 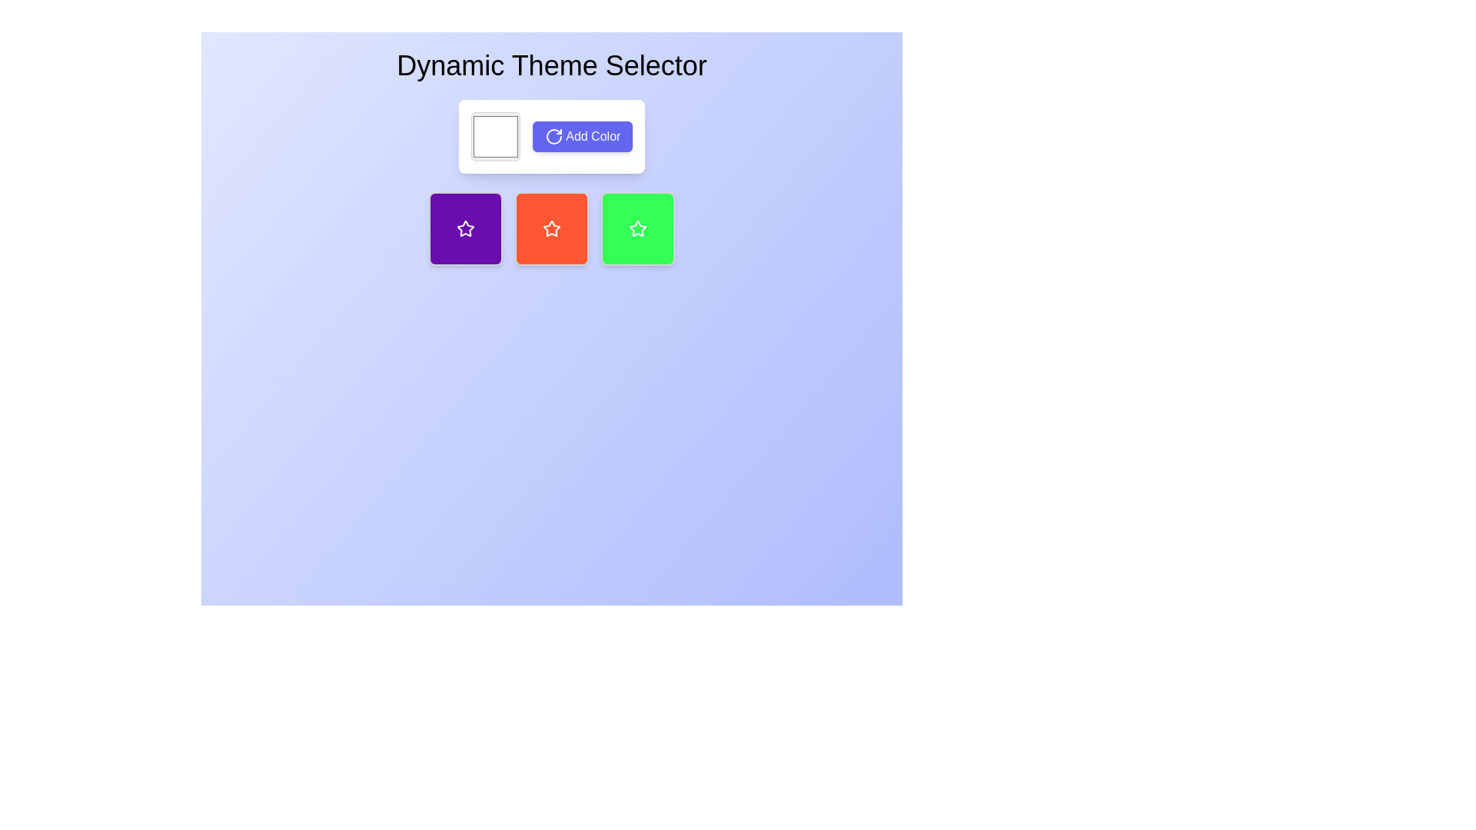 I want to click on the purple square tile button with a white star icon, so click(x=464, y=228).